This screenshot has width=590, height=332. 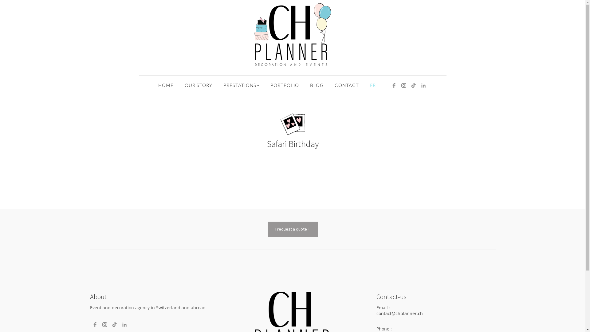 I want to click on 'FR', so click(x=372, y=85).